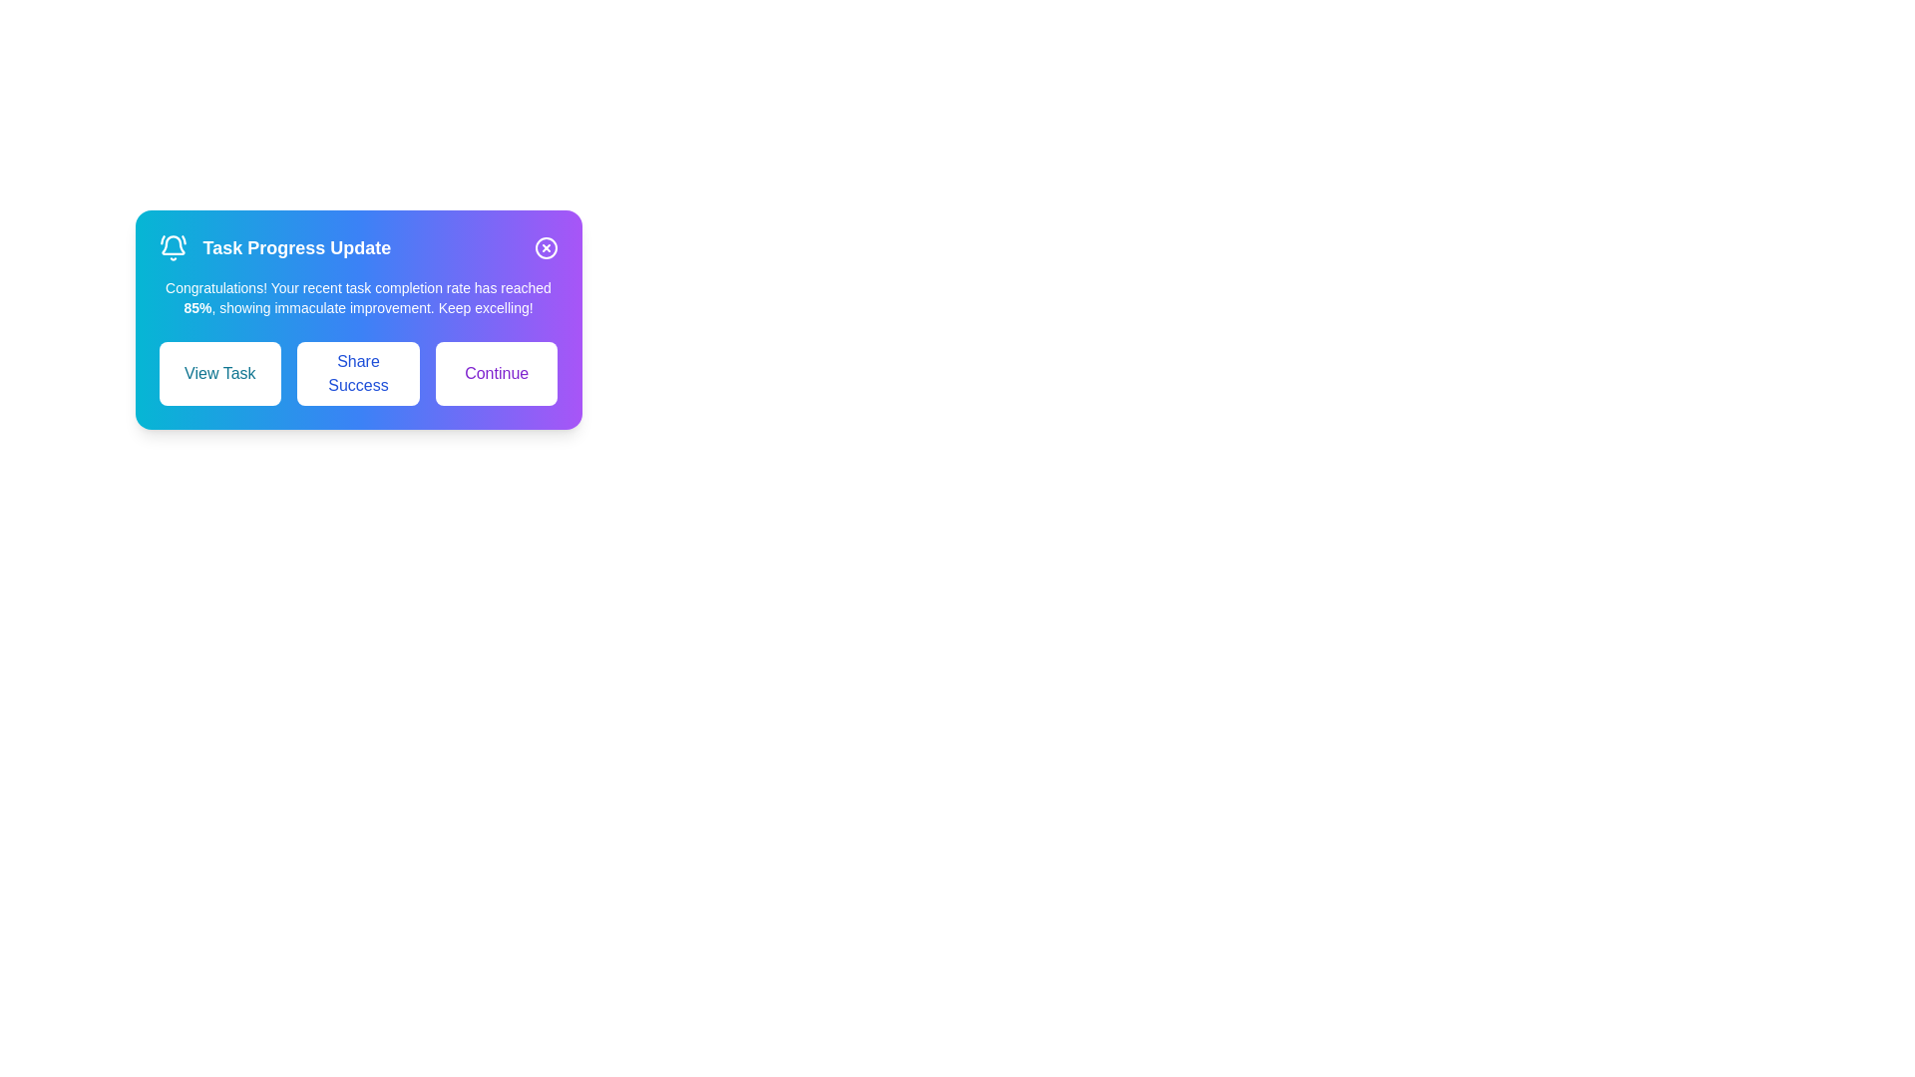 This screenshot has width=1915, height=1077. Describe the element at coordinates (219, 373) in the screenshot. I see `the 'View Task' button` at that location.